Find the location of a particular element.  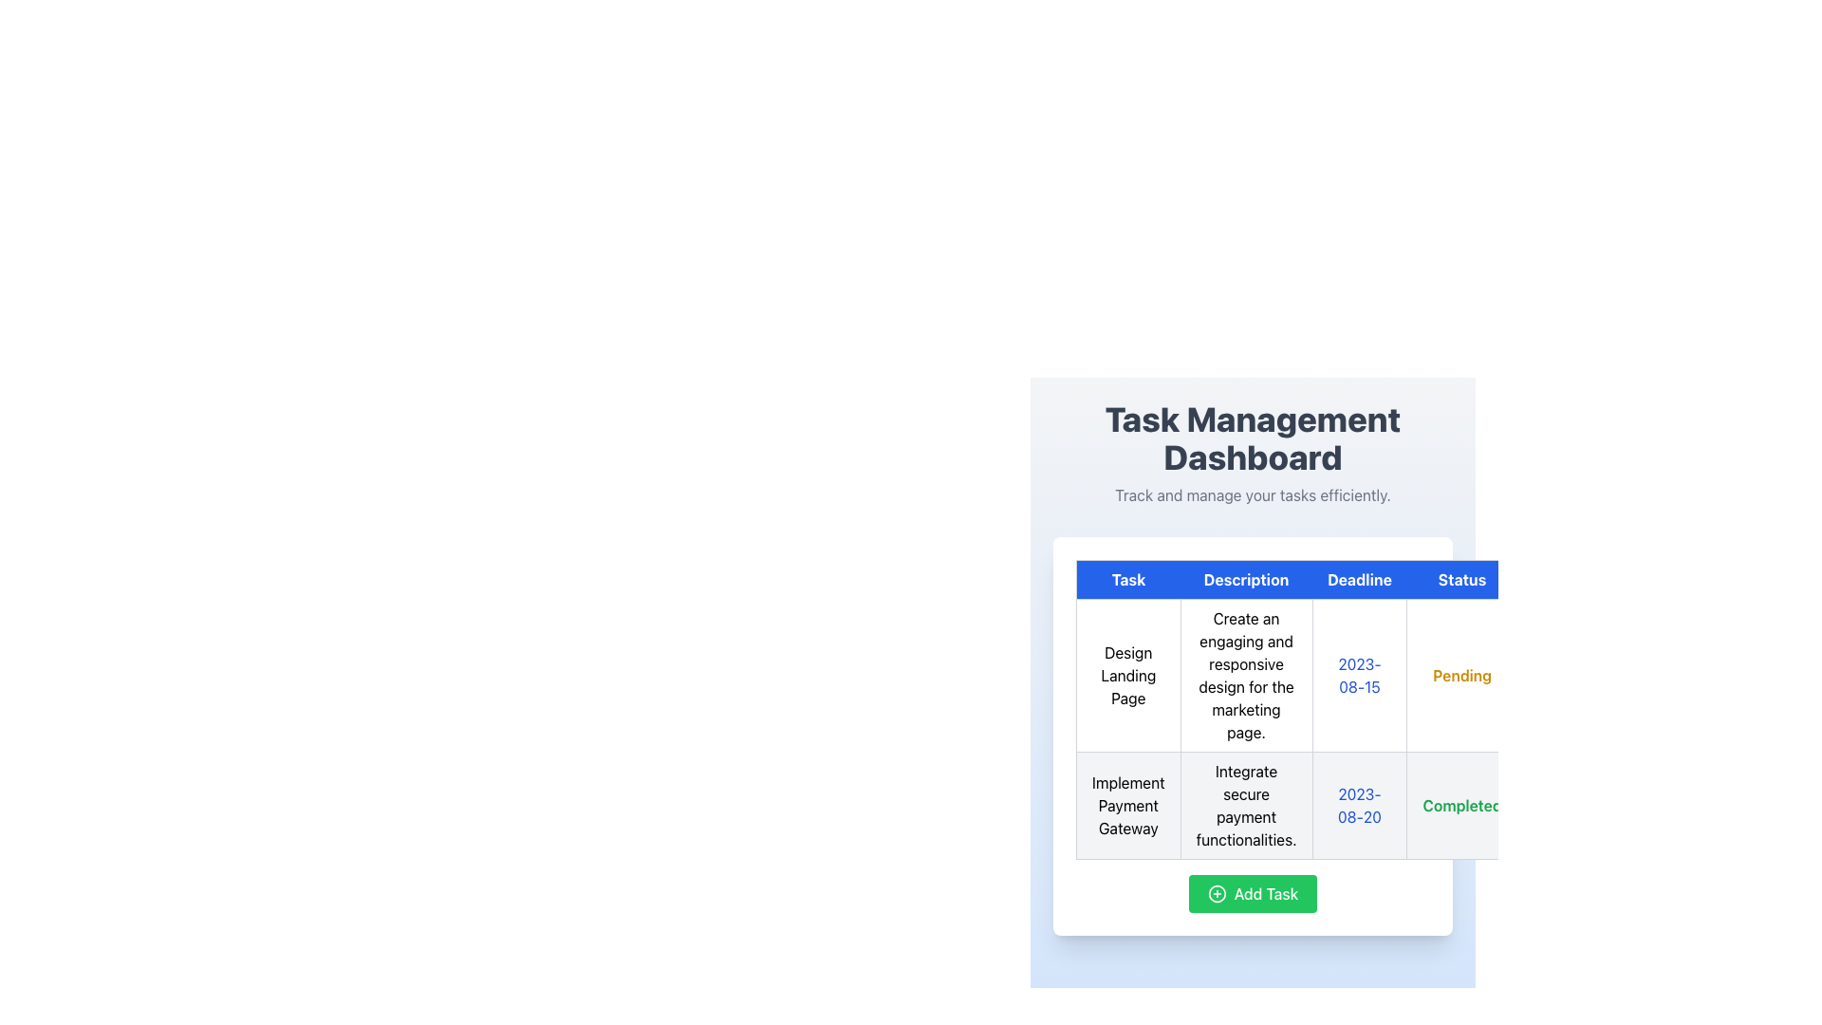

Header Text located at the top of the content section, which indicates the primary functionality related to task management is located at coordinates (1253, 438).